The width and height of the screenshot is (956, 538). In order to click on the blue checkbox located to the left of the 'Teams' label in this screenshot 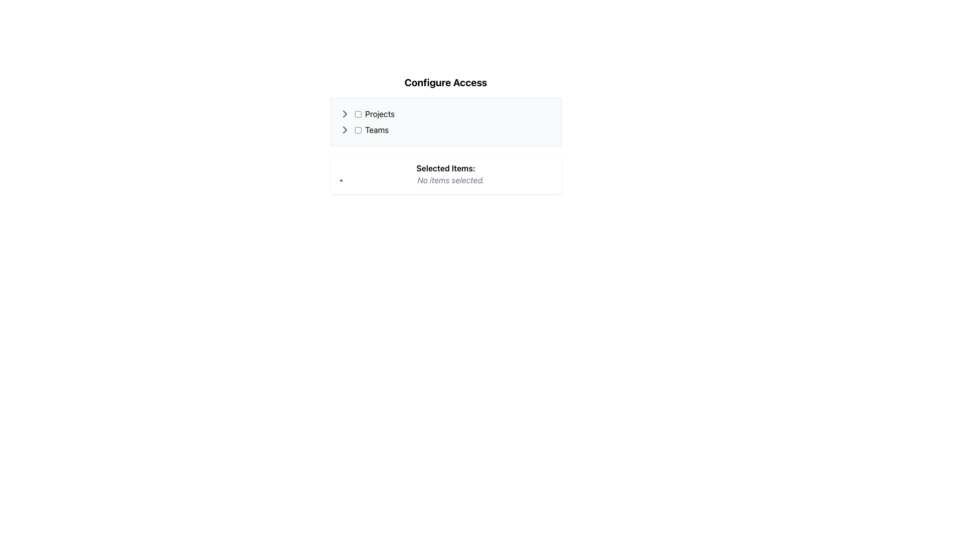, I will do `click(358, 130)`.